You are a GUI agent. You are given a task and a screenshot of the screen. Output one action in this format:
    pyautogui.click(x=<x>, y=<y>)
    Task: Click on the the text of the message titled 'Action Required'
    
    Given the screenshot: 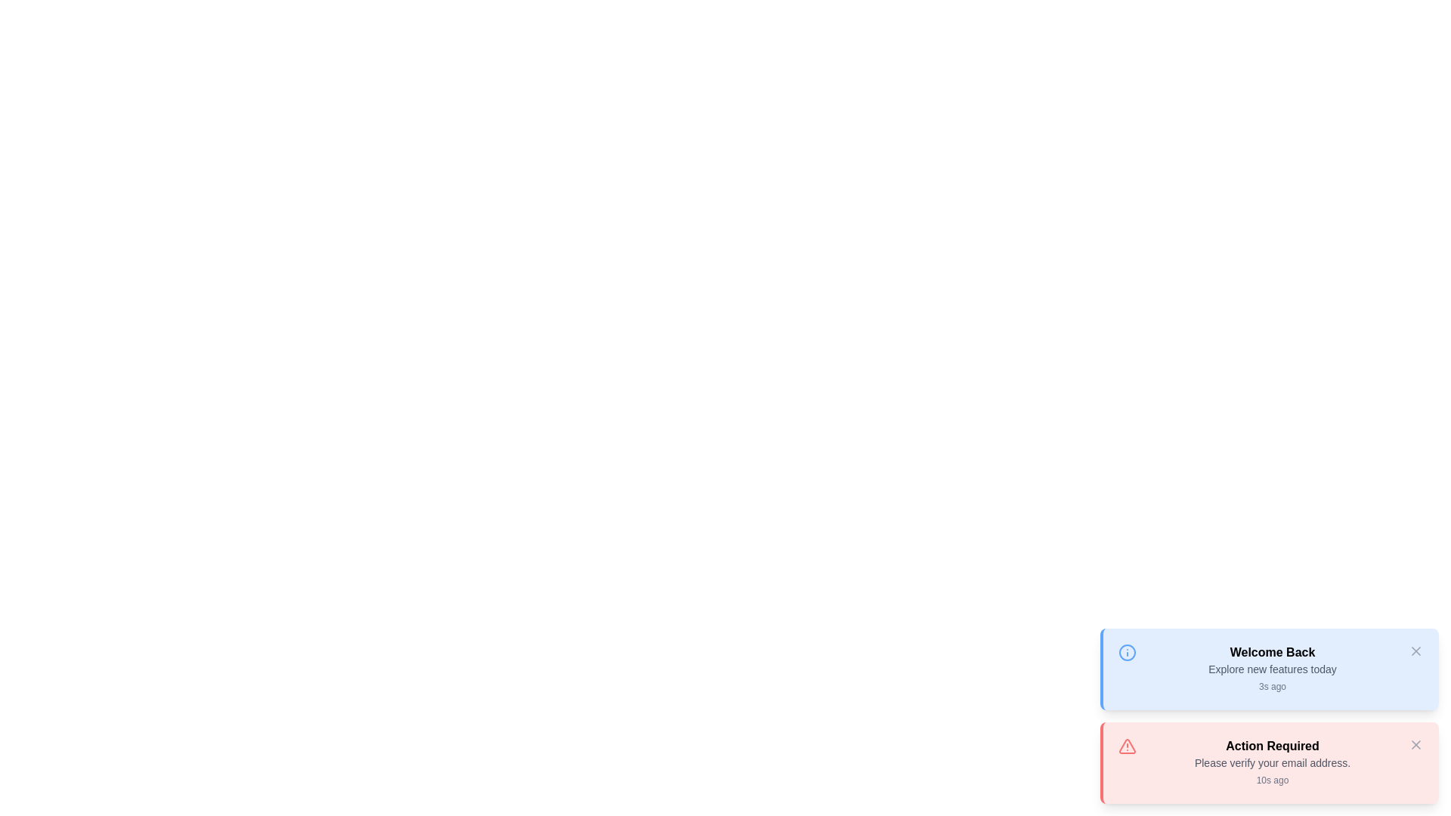 What is the action you would take?
    pyautogui.click(x=1272, y=745)
    